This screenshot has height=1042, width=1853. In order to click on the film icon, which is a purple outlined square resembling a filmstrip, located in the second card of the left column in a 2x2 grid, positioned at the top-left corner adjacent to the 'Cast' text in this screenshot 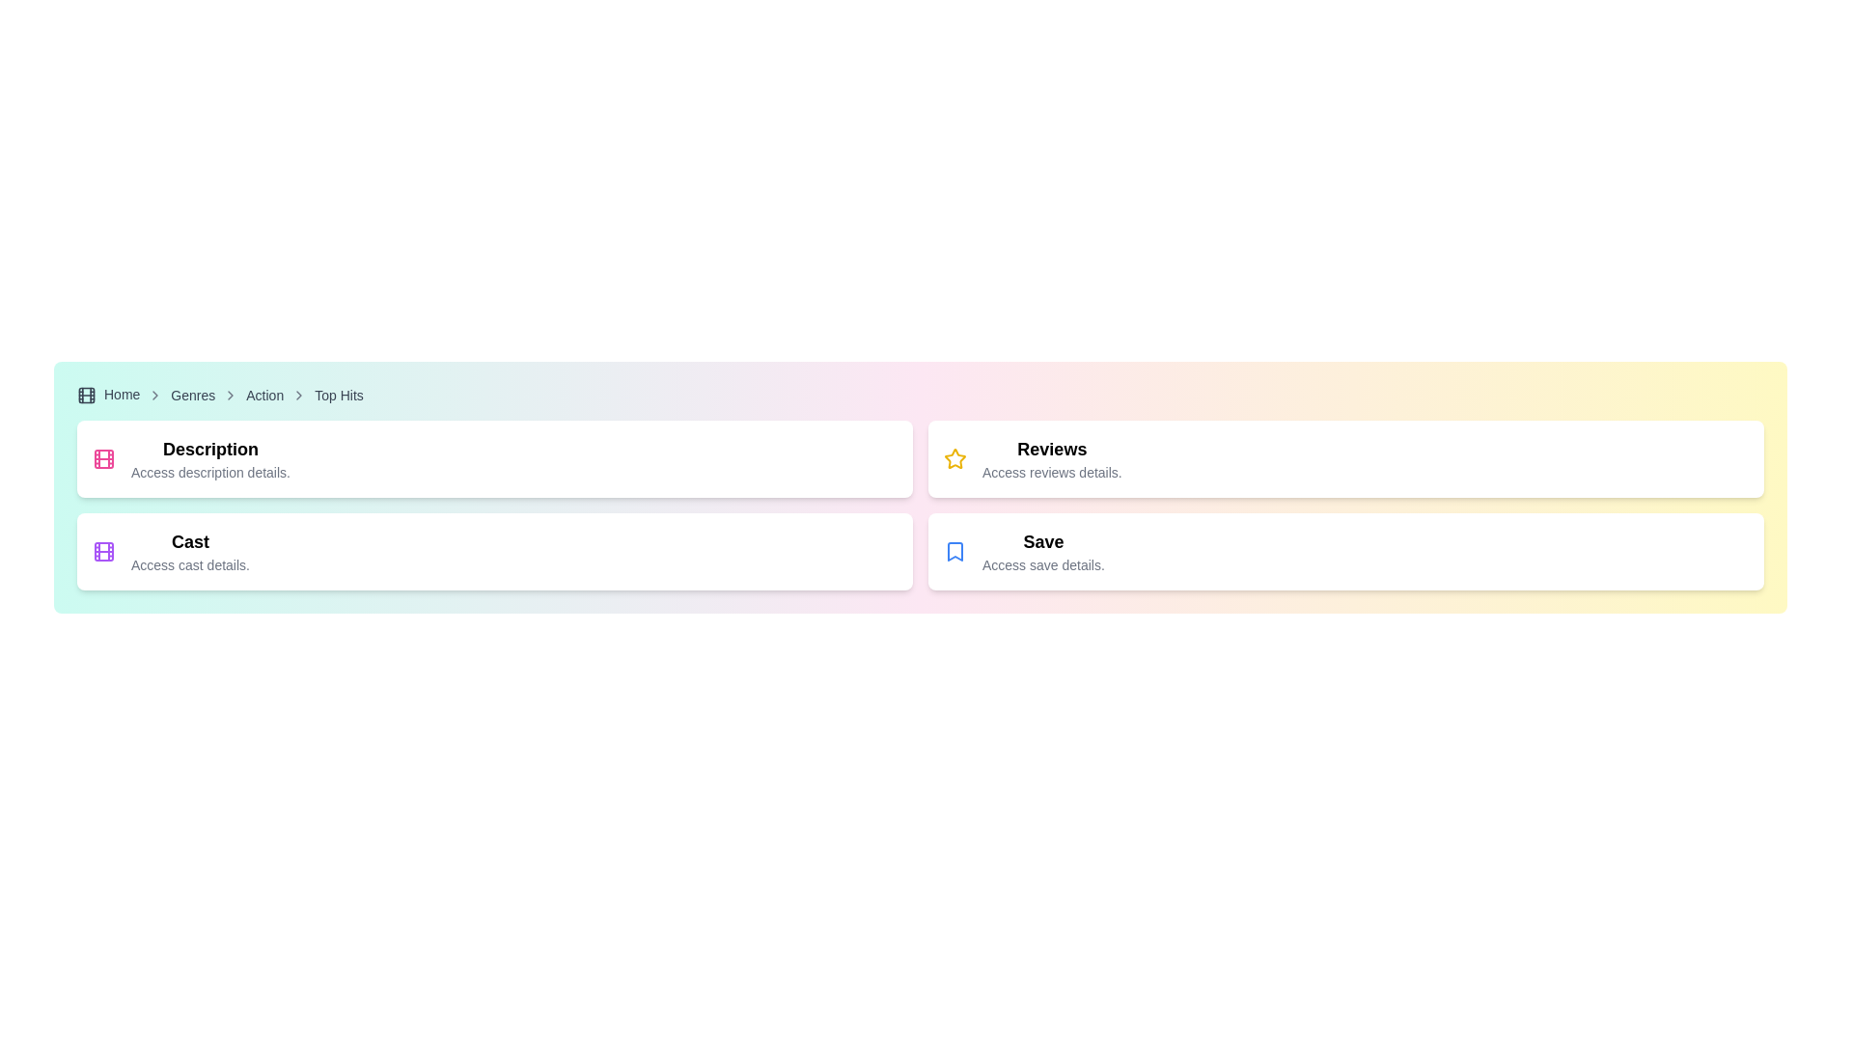, I will do `click(103, 551)`.